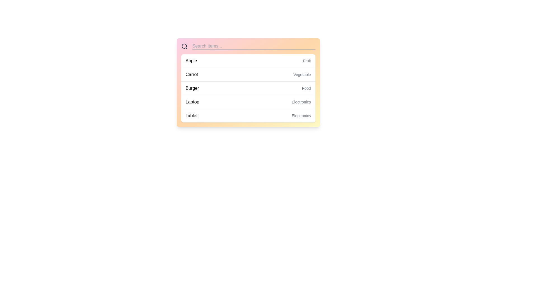 The width and height of the screenshot is (537, 302). I want to click on the small text label displaying the word 'Food' in gray color, positioned to the right of 'Burger' in the third row of the list-style layout, so click(306, 88).